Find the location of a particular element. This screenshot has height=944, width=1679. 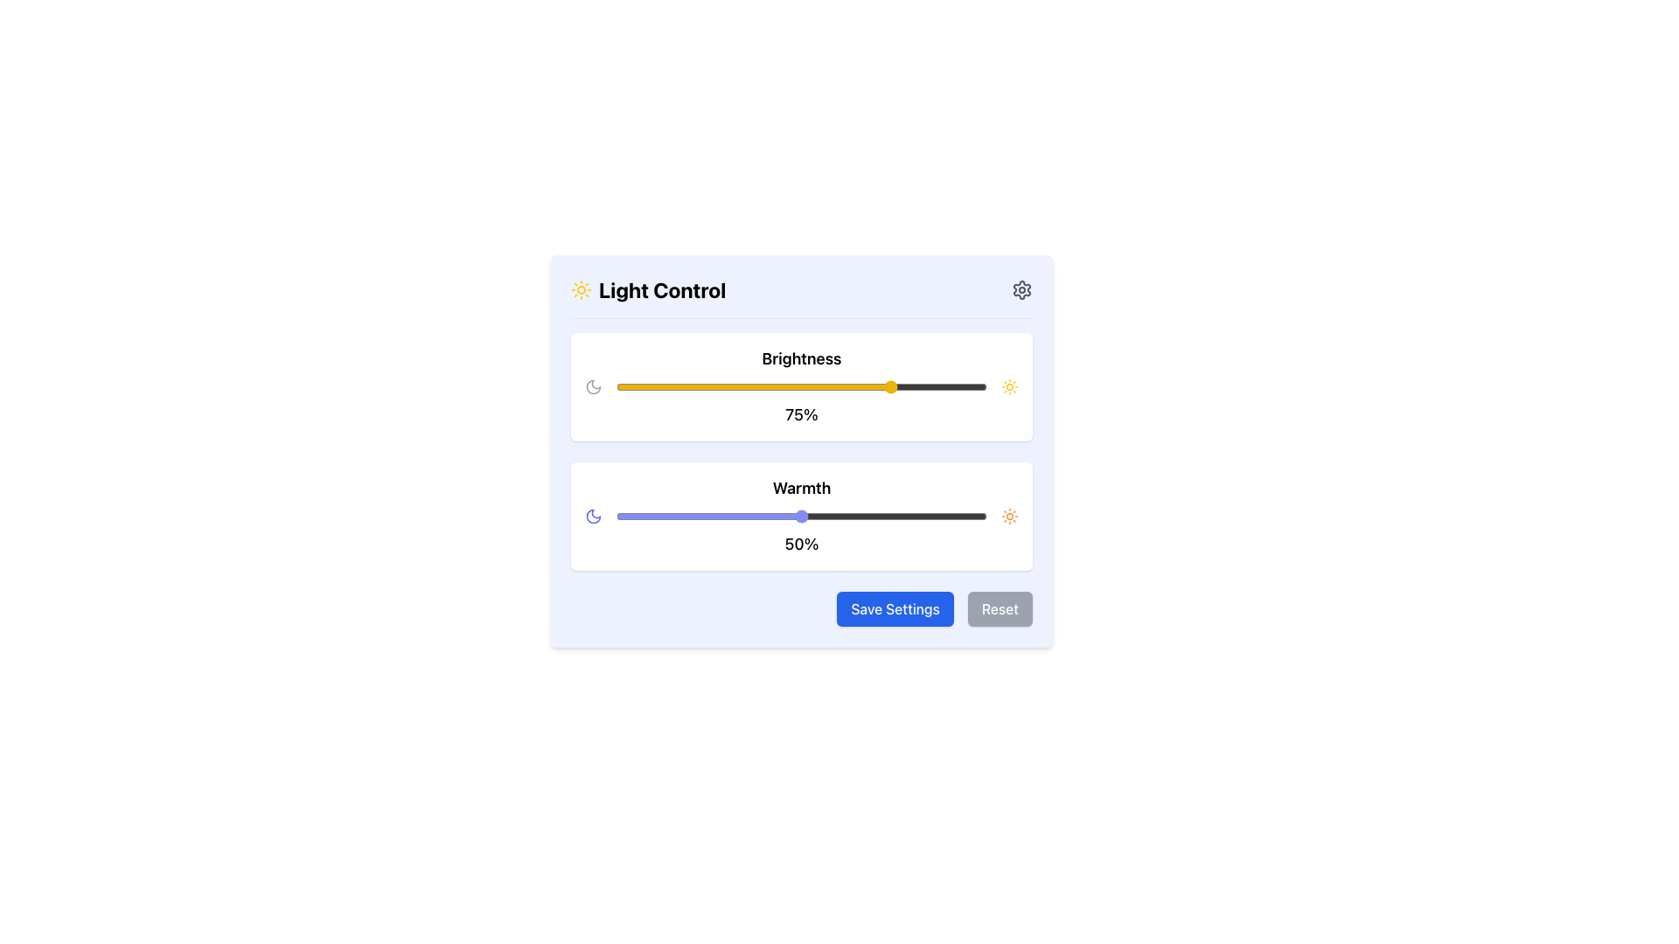

the gear icon button for settings located in the top-right corner of the 'Light Control' header section is located at coordinates (1022, 288).